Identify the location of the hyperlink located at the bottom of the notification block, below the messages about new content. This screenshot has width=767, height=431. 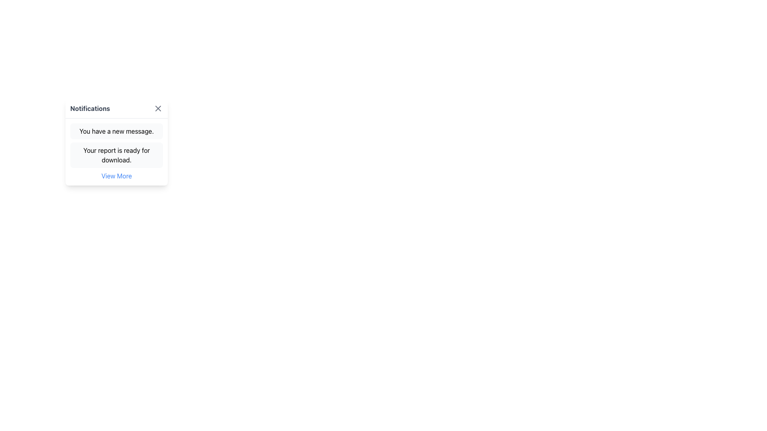
(116, 175).